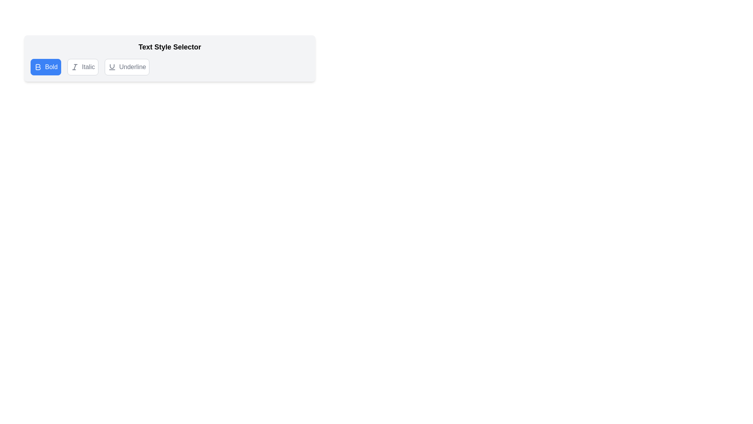  What do you see at coordinates (37, 66) in the screenshot?
I see `the 'Bold' button, which features a vector graphic (SVG icon) representing the bold text style located on its left side` at bounding box center [37, 66].